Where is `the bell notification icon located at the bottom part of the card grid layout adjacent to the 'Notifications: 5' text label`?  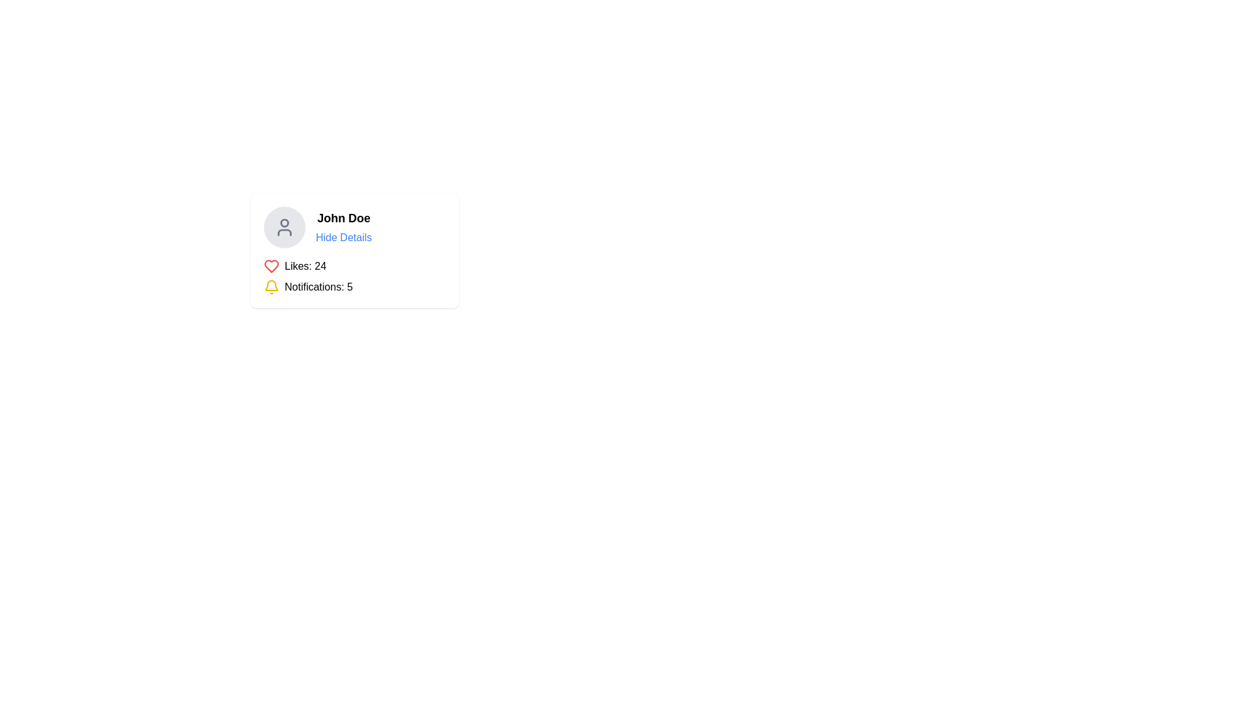
the bell notification icon located at the bottom part of the card grid layout adjacent to the 'Notifications: 5' text label is located at coordinates (270, 285).